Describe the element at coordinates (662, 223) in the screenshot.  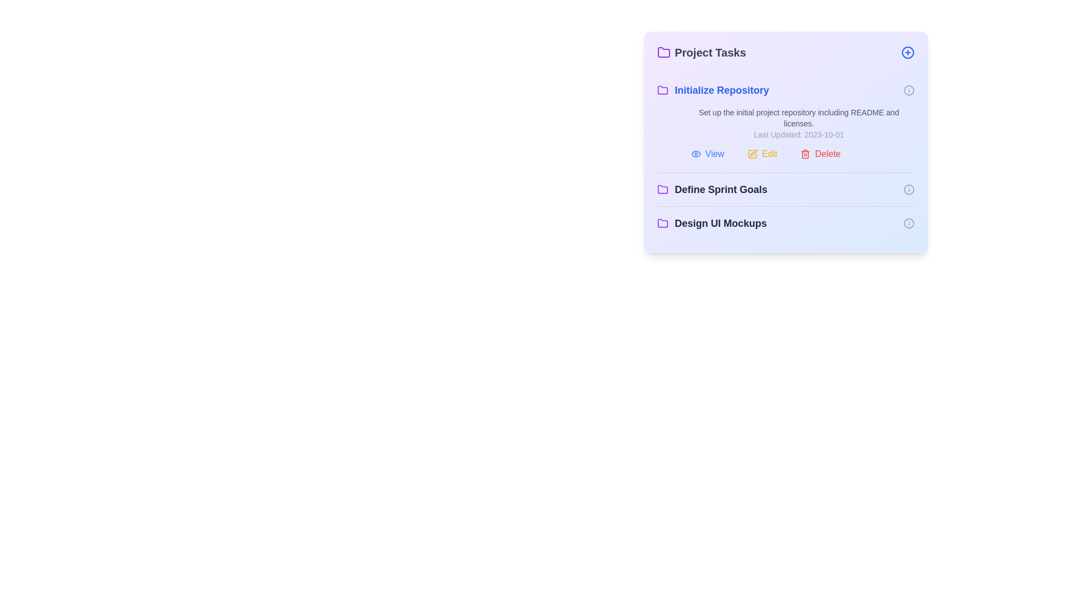
I see `the folder icon representing the 'Design UI Mockups', located on the far left side of its row` at that location.